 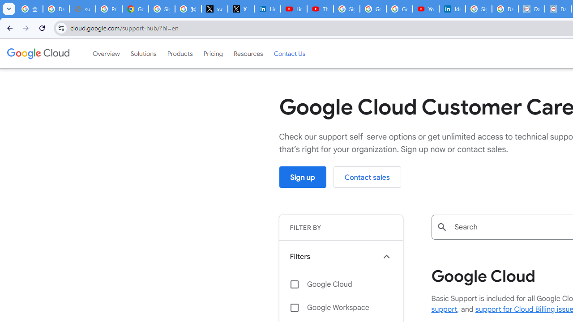 What do you see at coordinates (179, 53) in the screenshot?
I see `'Products'` at bounding box center [179, 53].